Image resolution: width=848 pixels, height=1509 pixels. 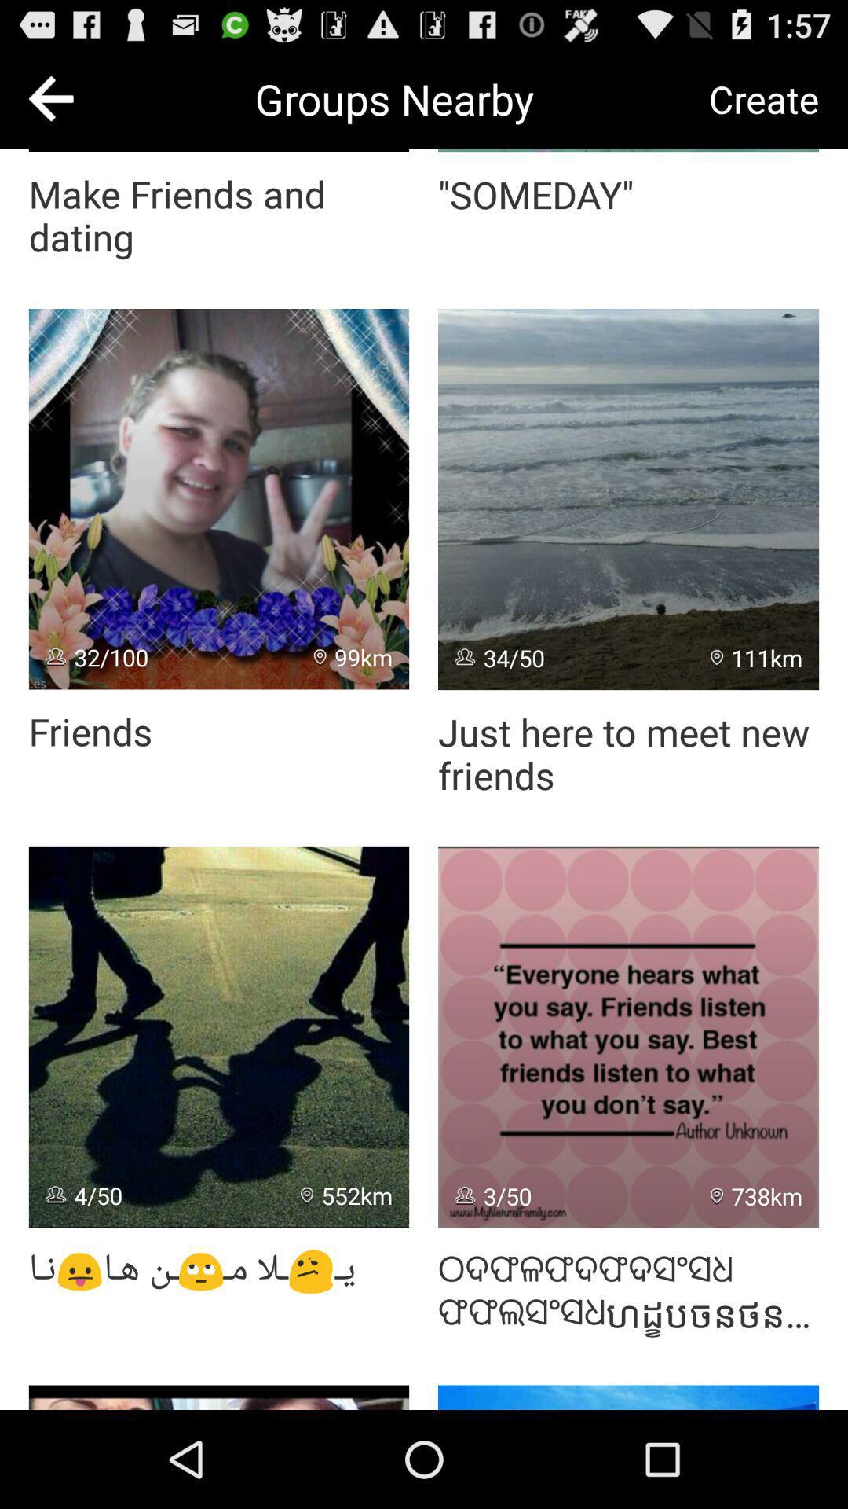 I want to click on the arrow_backward icon, so click(x=53, y=105).